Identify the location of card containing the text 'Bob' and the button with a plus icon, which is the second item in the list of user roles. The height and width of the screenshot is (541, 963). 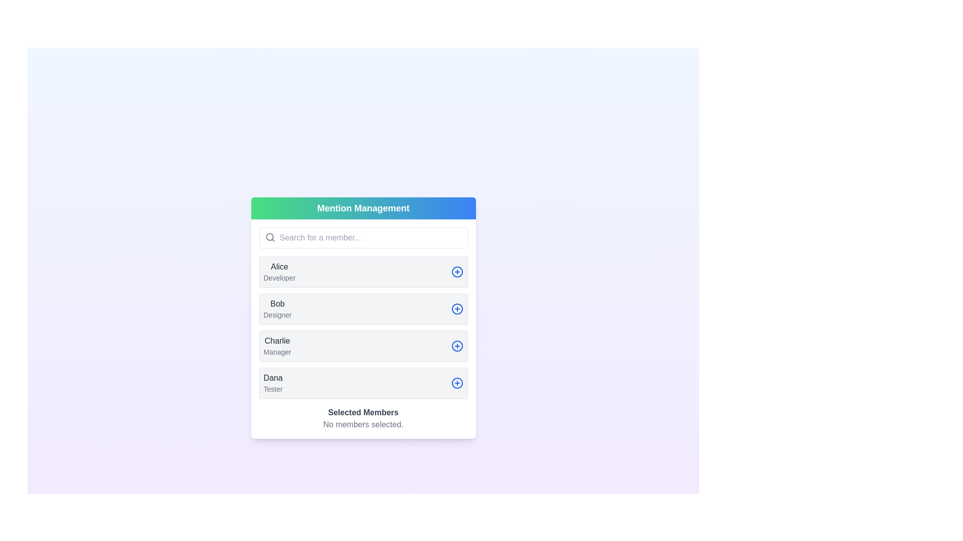
(363, 309).